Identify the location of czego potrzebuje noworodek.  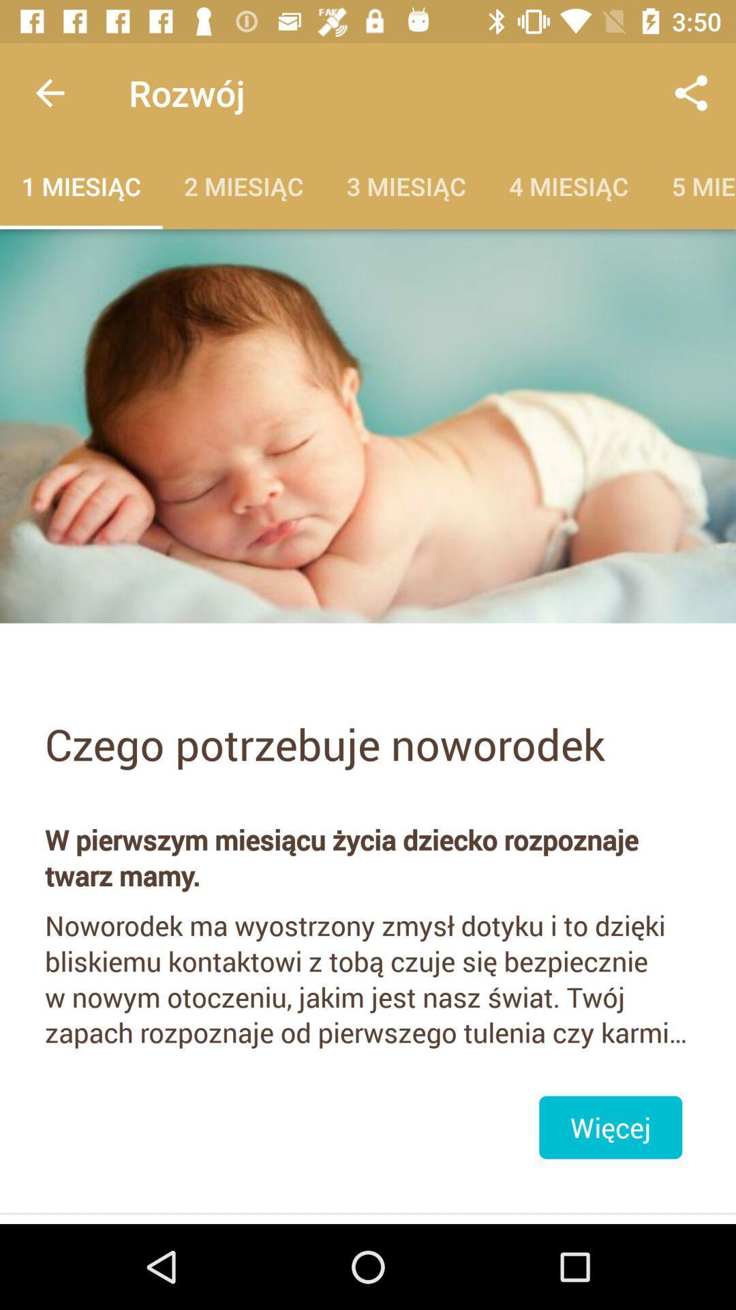
(368, 743).